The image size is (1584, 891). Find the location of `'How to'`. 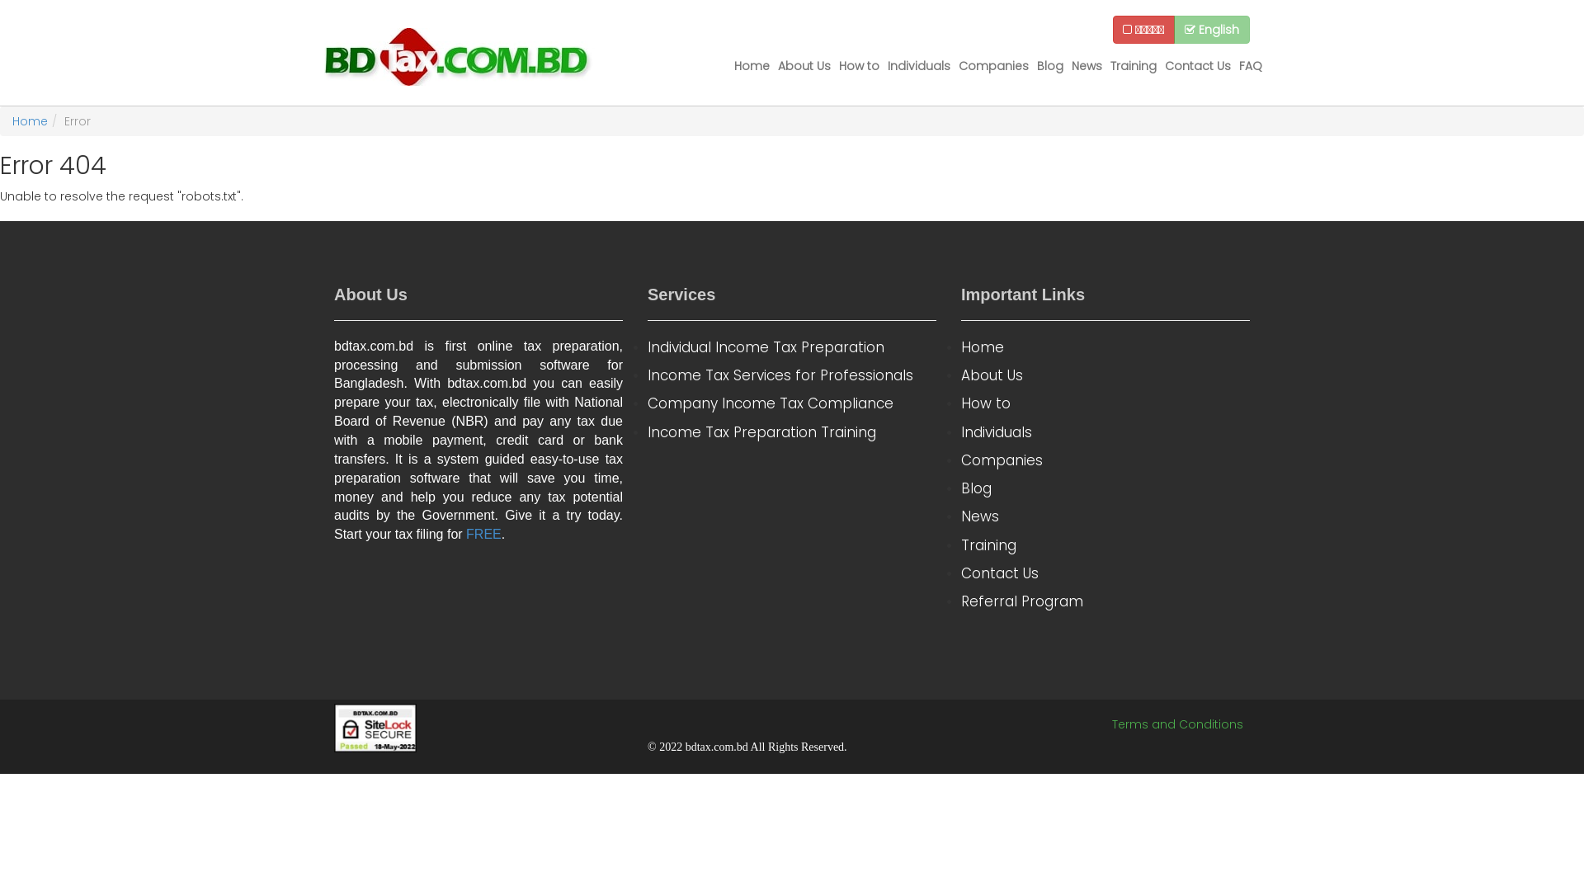

'How to' is located at coordinates (961, 403).